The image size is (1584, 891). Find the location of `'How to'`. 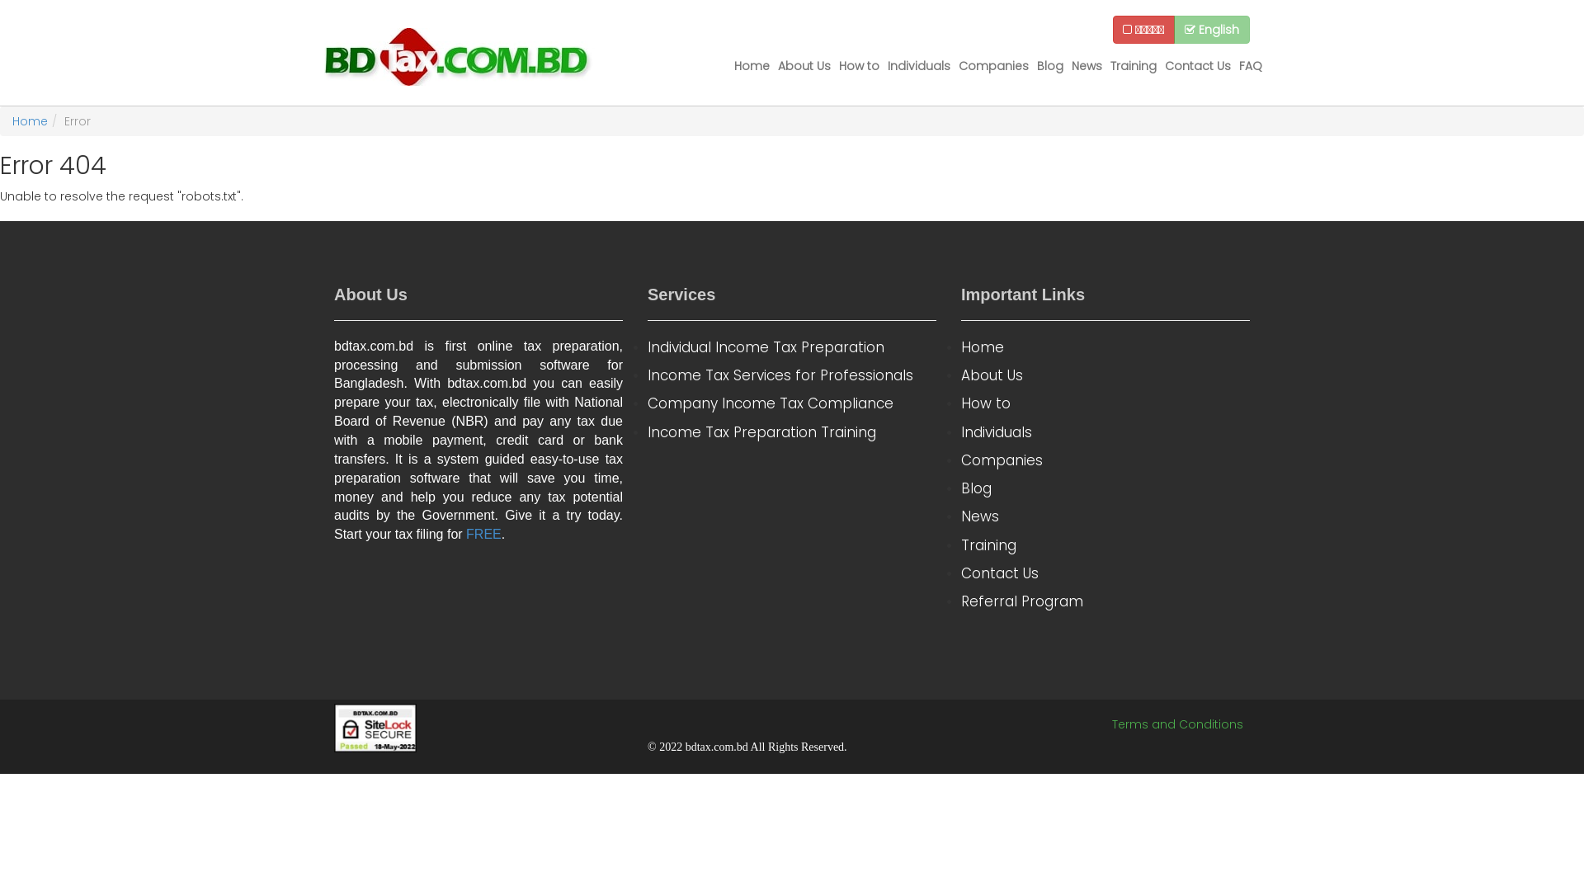

'How to' is located at coordinates (961, 403).